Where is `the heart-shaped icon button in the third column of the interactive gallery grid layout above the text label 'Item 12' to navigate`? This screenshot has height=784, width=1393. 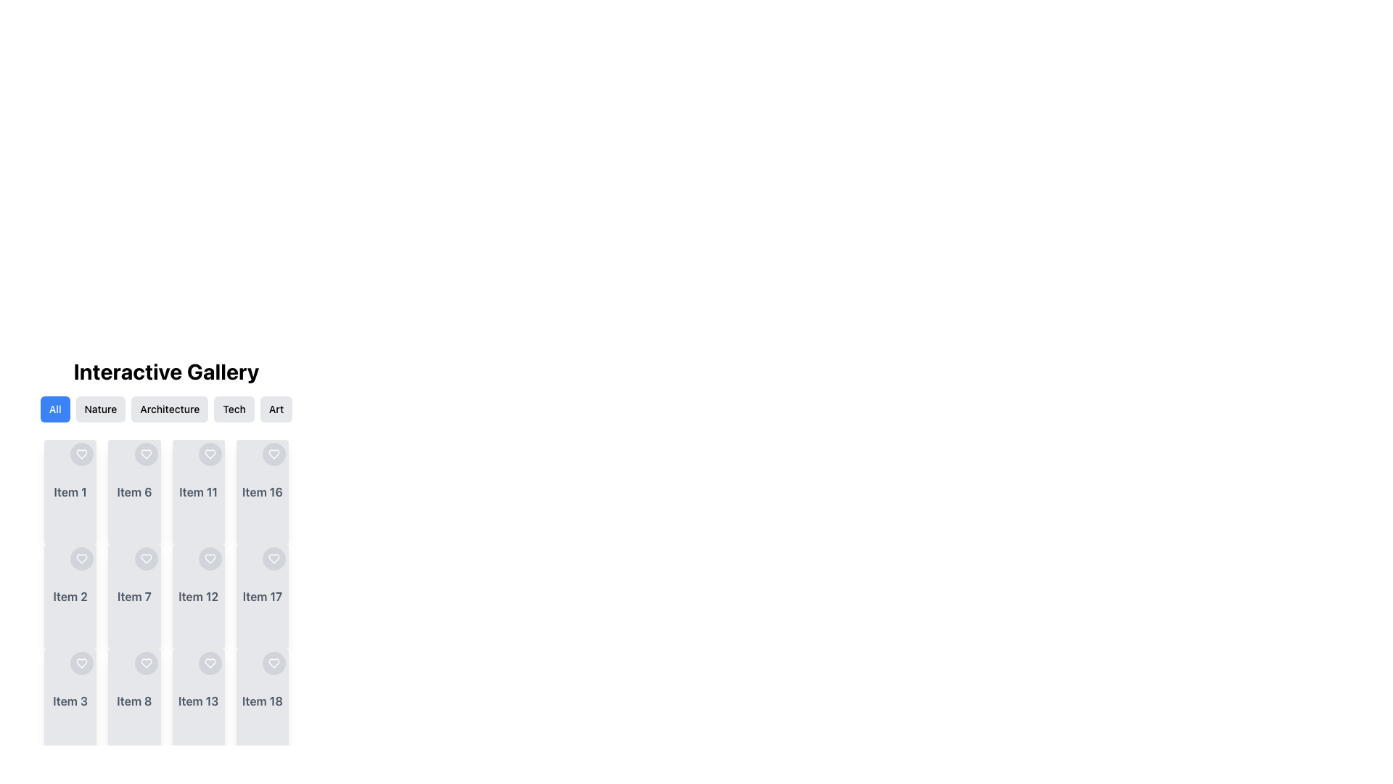 the heart-shaped icon button in the third column of the interactive gallery grid layout above the text label 'Item 12' to navigate is located at coordinates (209, 558).